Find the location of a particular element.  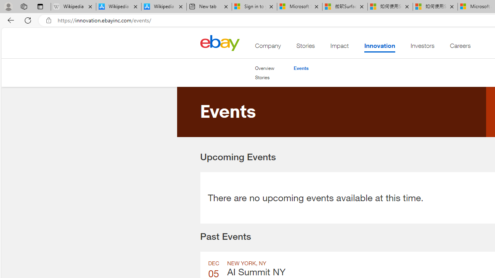

'Company' is located at coordinates (268, 47).